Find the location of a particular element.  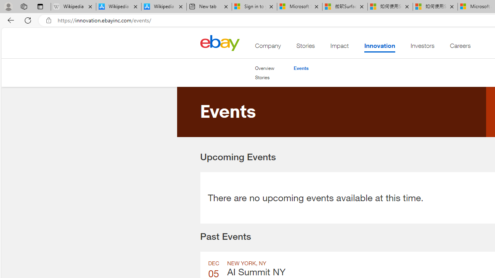

'Company' is located at coordinates (268, 47).